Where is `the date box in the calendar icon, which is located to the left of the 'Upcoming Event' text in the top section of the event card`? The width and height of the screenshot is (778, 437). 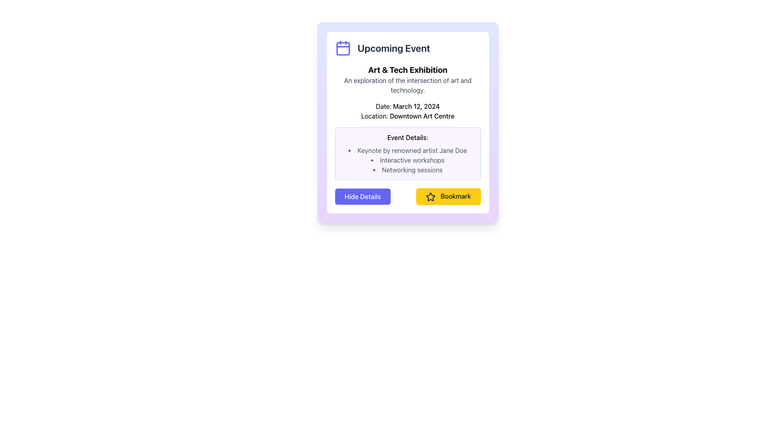
the date box in the calendar icon, which is located to the left of the 'Upcoming Event' text in the top section of the event card is located at coordinates (343, 49).